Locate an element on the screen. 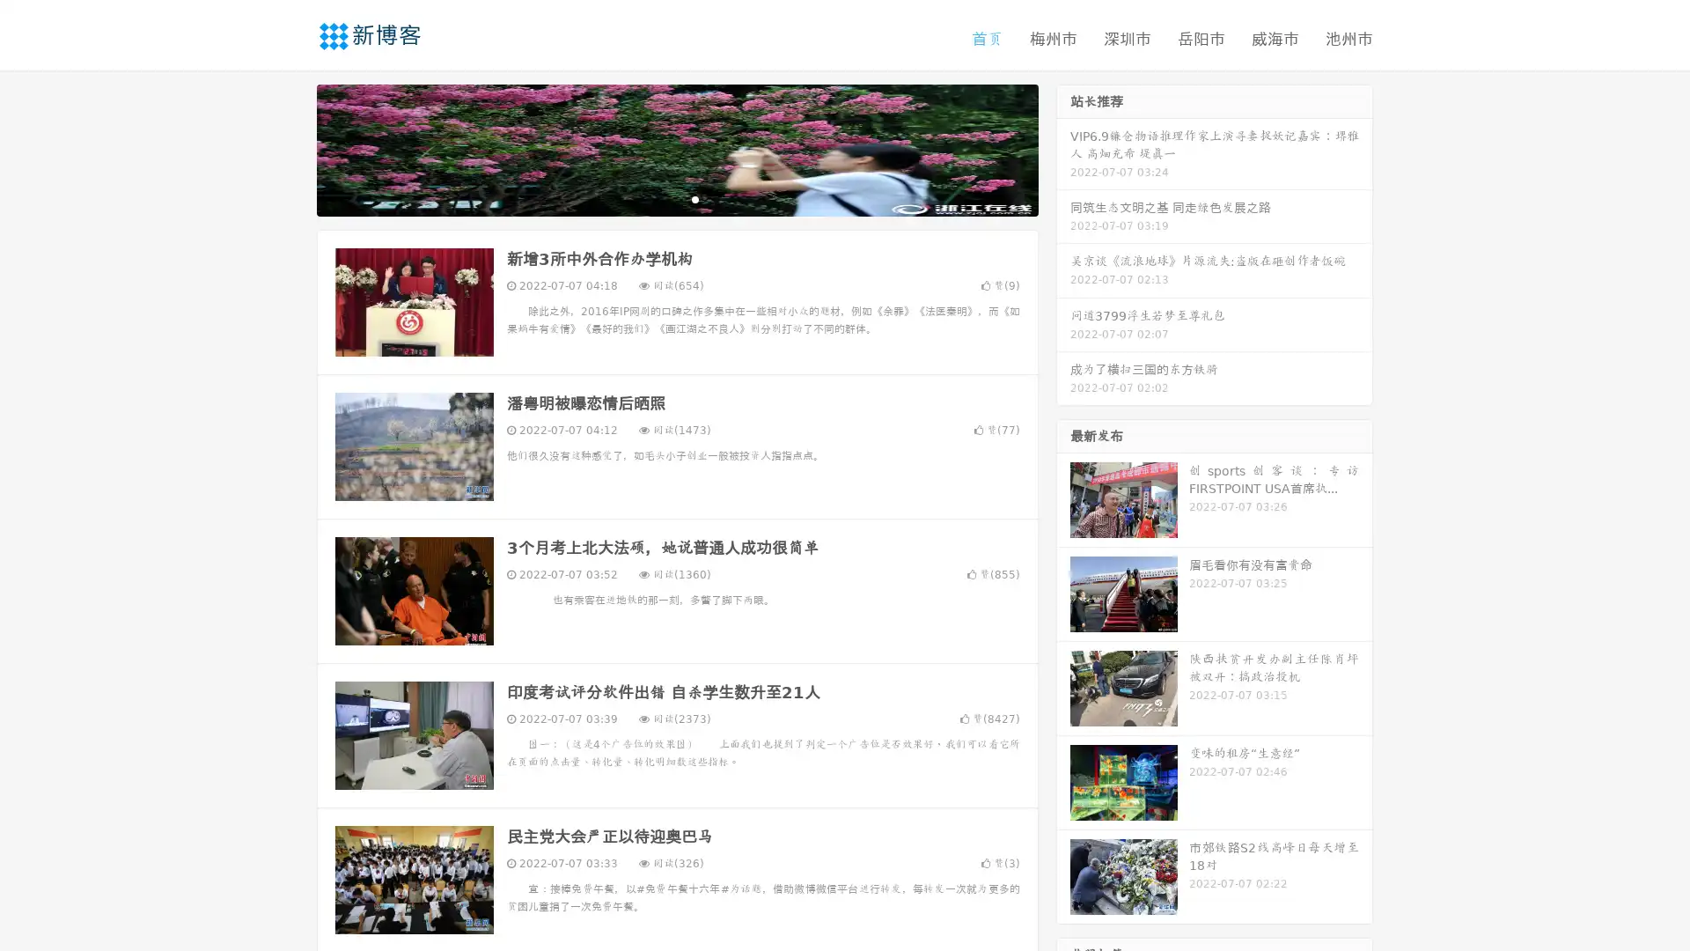 Image resolution: width=1690 pixels, height=951 pixels. Go to slide 3 is located at coordinates (694, 198).